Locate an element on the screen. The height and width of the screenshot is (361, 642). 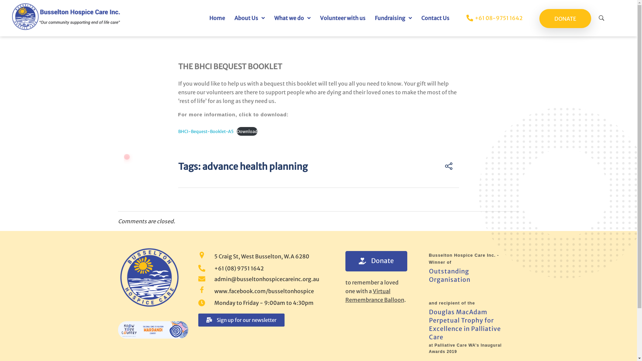
'Home' is located at coordinates (217, 18).